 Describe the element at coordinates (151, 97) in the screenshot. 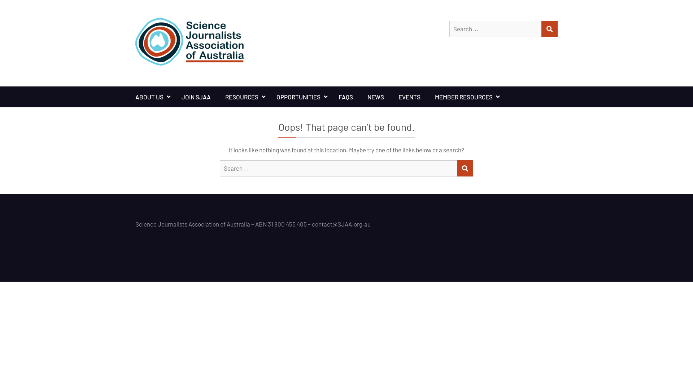

I see `'ABOUT US'` at that location.